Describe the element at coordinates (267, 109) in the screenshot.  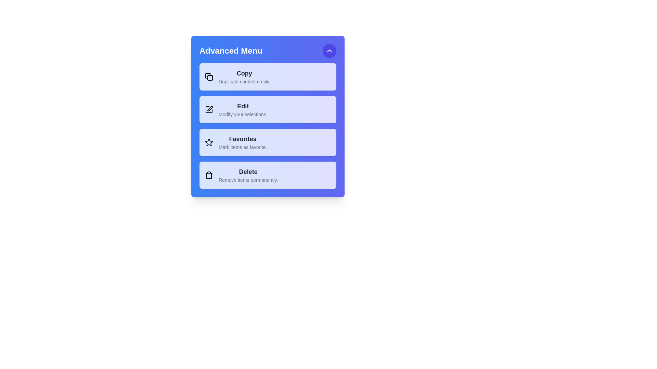
I see `the menu item Edit from the AdvancedInteractiveMenu` at that location.